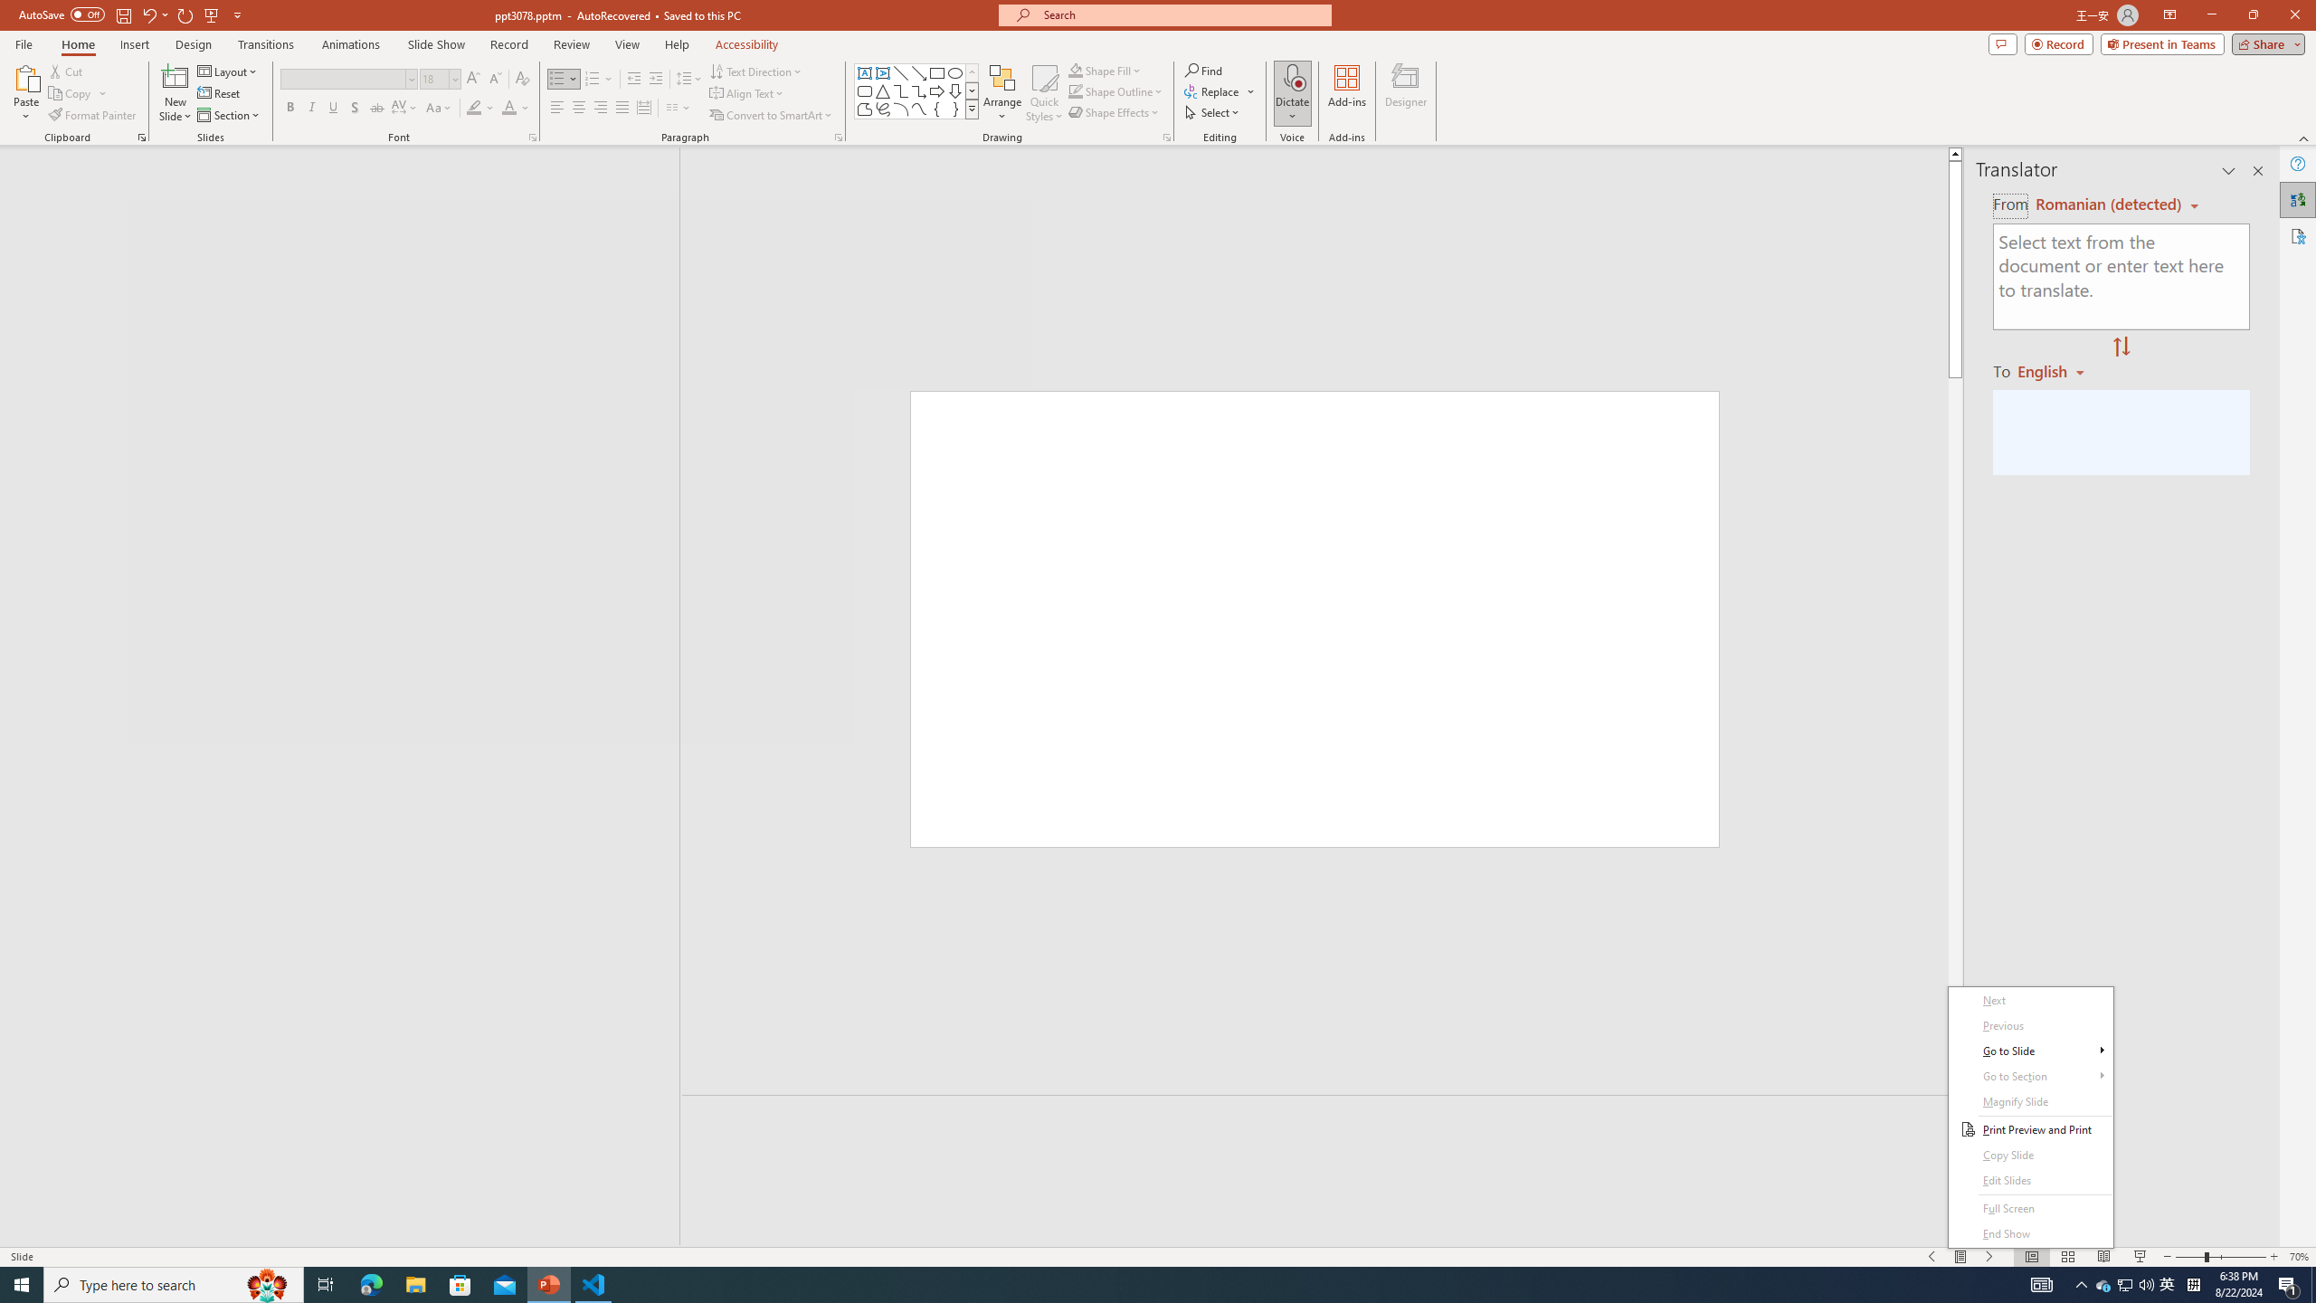 This screenshot has height=1303, width=2316. I want to click on 'Numbering', so click(593, 79).